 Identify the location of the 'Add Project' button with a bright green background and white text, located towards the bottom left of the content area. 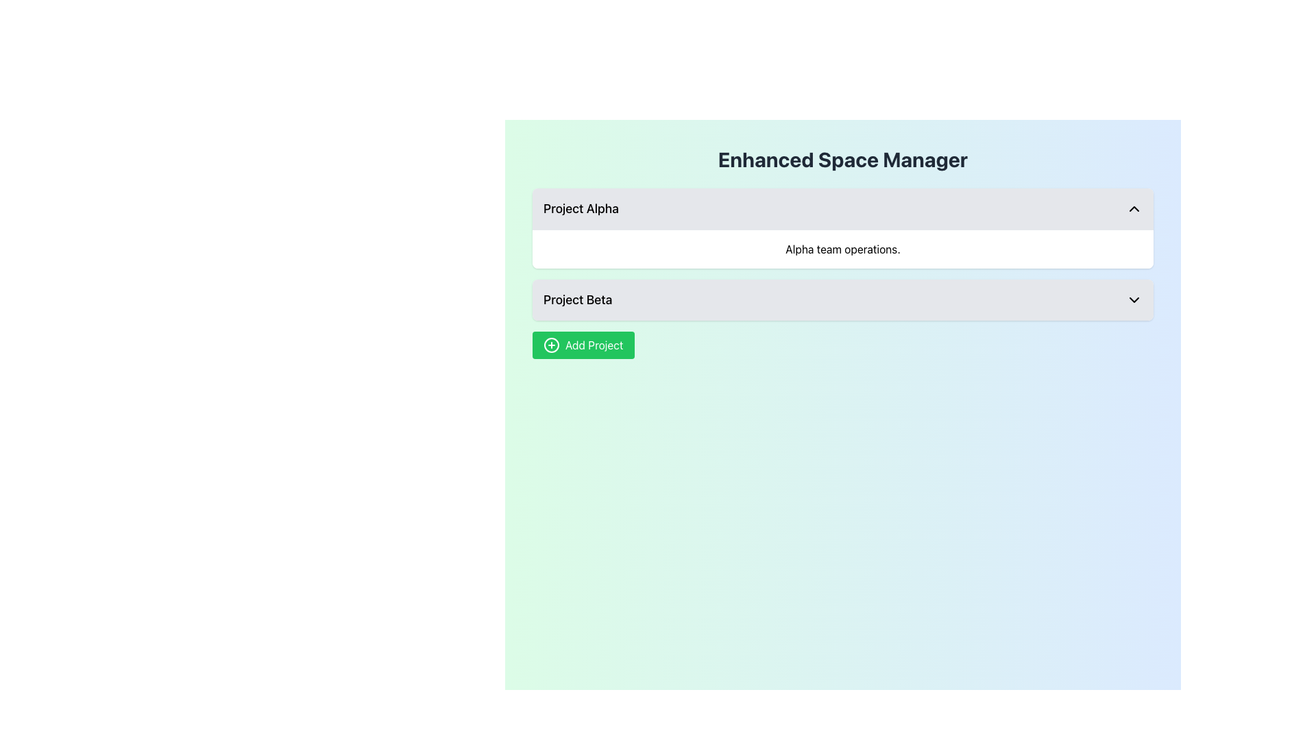
(583, 345).